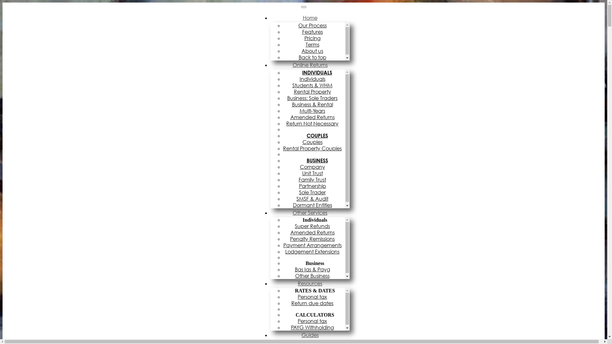  What do you see at coordinates (314, 110) in the screenshot?
I see `'Multi-Years'` at bounding box center [314, 110].